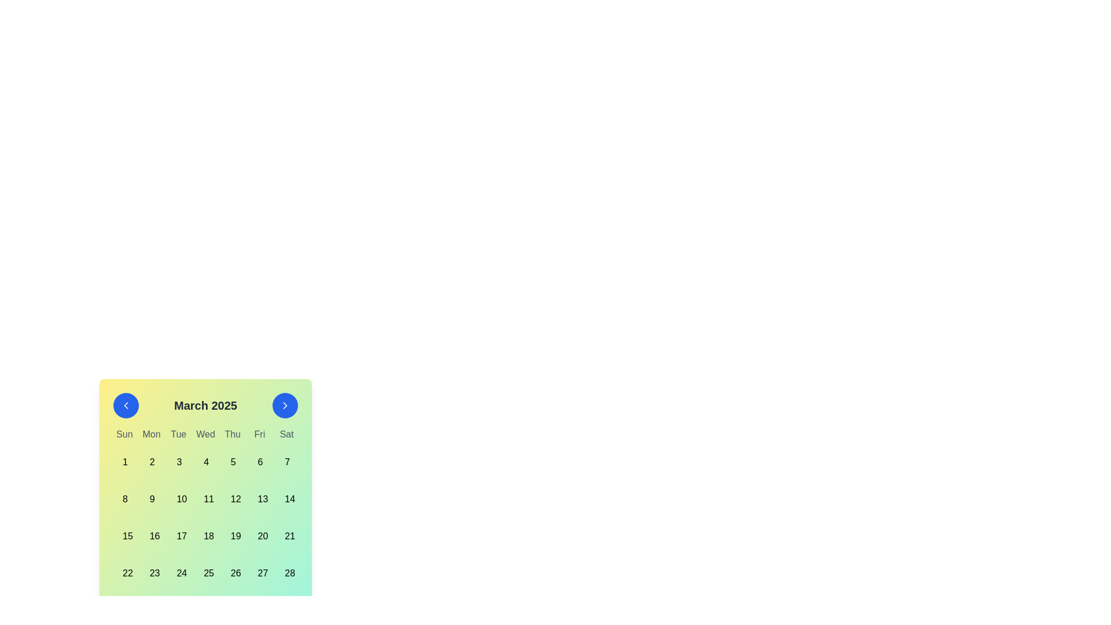 The width and height of the screenshot is (1111, 625). I want to click on the calendar date cell representing the 25th day of the month, located in the bottom row under the 'Tue' column, so click(205, 573).